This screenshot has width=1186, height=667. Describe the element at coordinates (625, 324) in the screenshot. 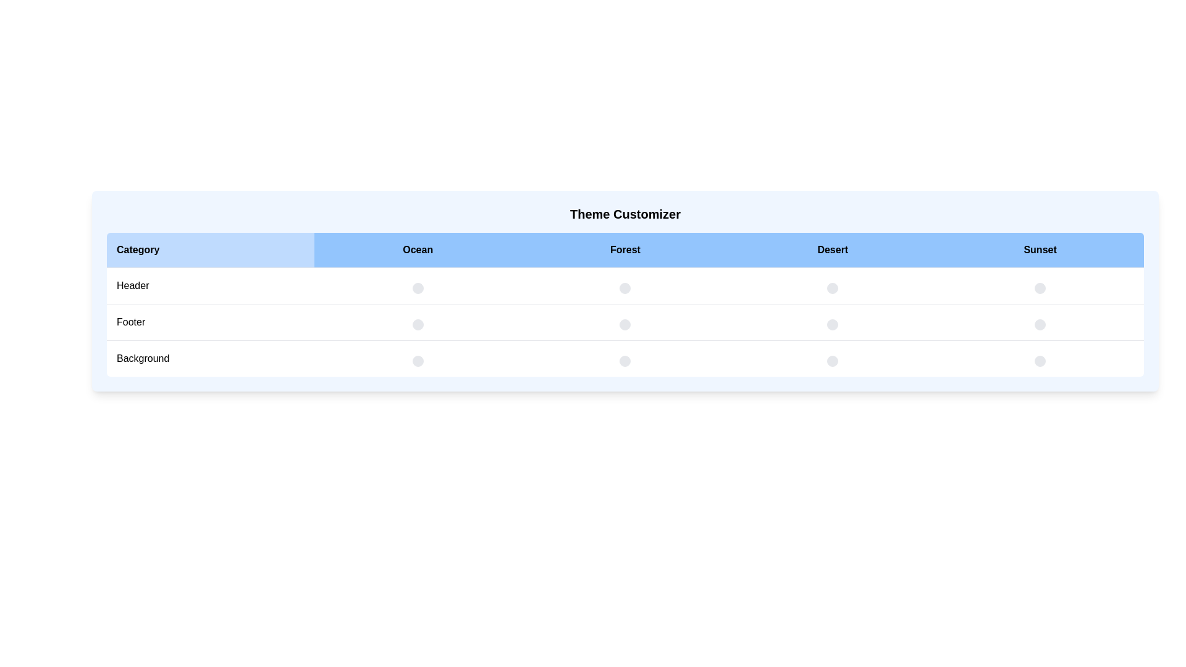

I see `the radio button` at that location.